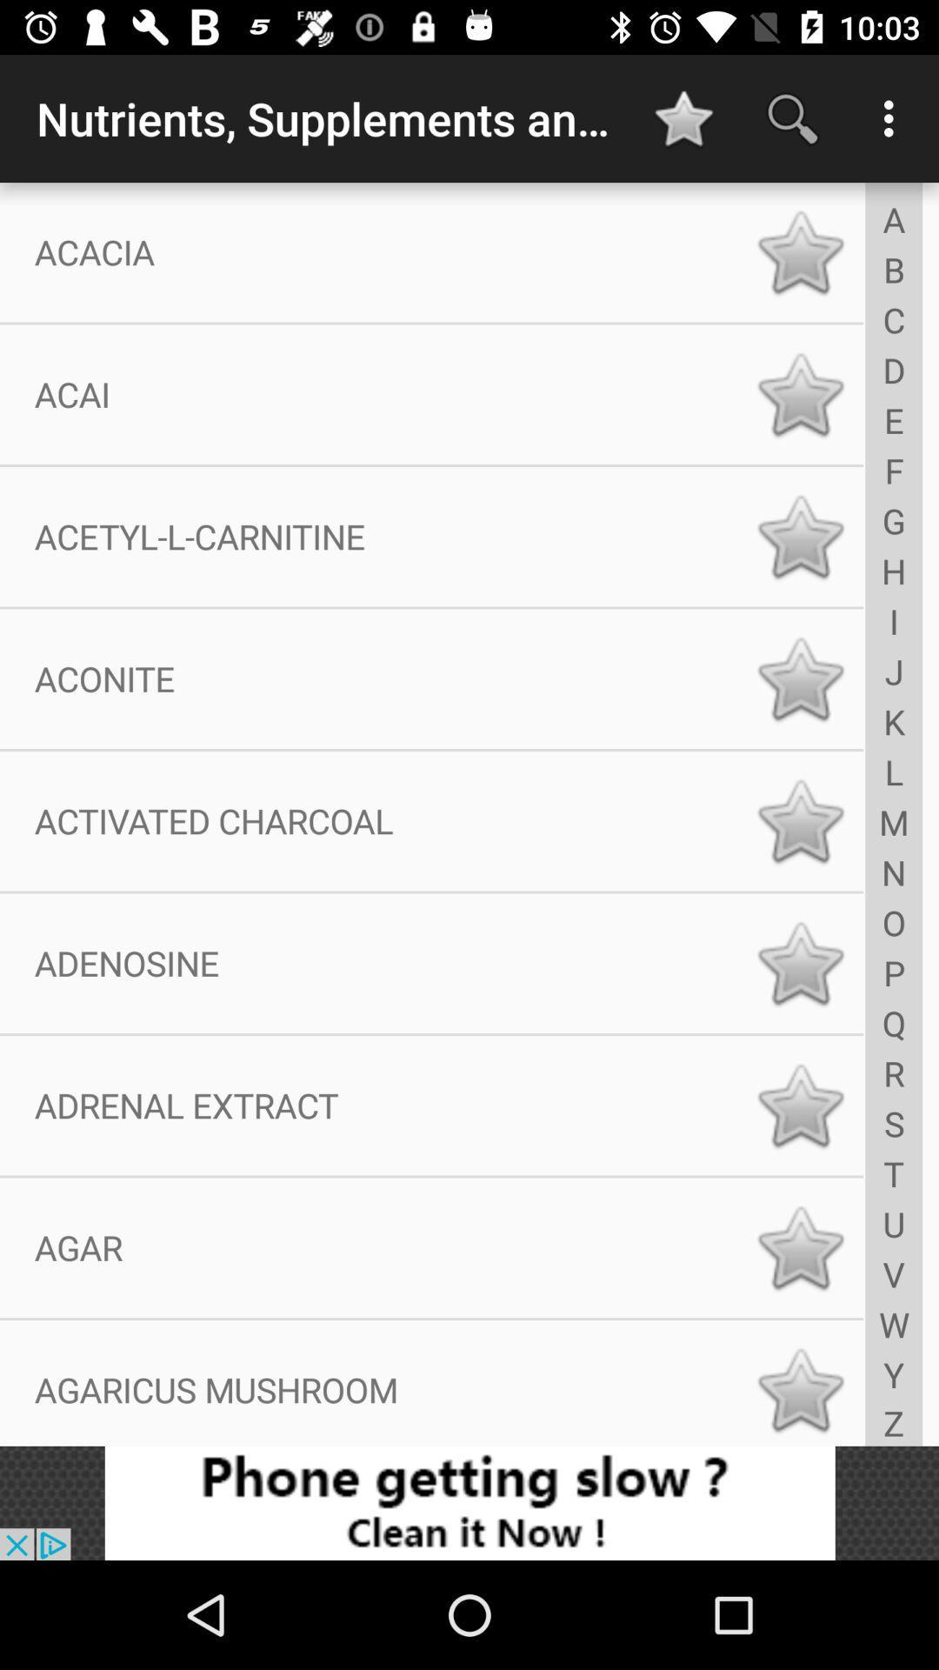 This screenshot has height=1670, width=939. I want to click on choose selection, so click(800, 536).